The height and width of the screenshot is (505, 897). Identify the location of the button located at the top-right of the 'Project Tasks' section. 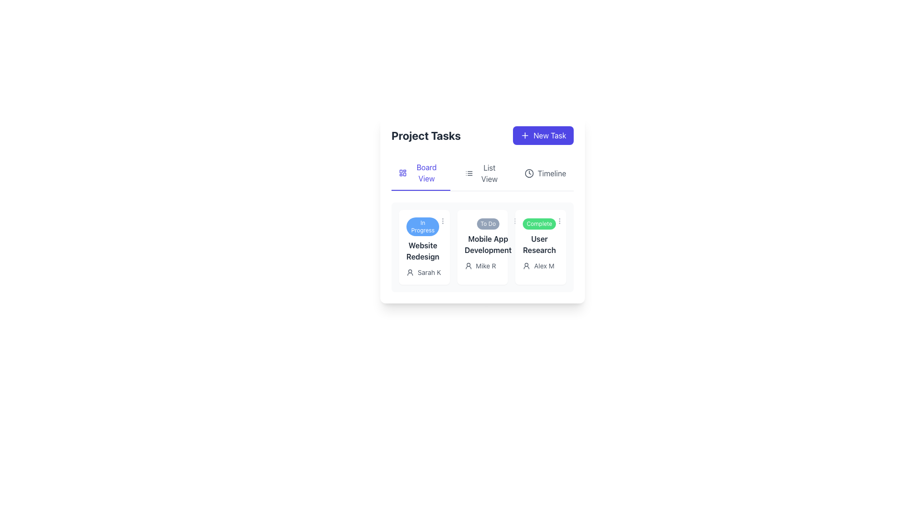
(543, 135).